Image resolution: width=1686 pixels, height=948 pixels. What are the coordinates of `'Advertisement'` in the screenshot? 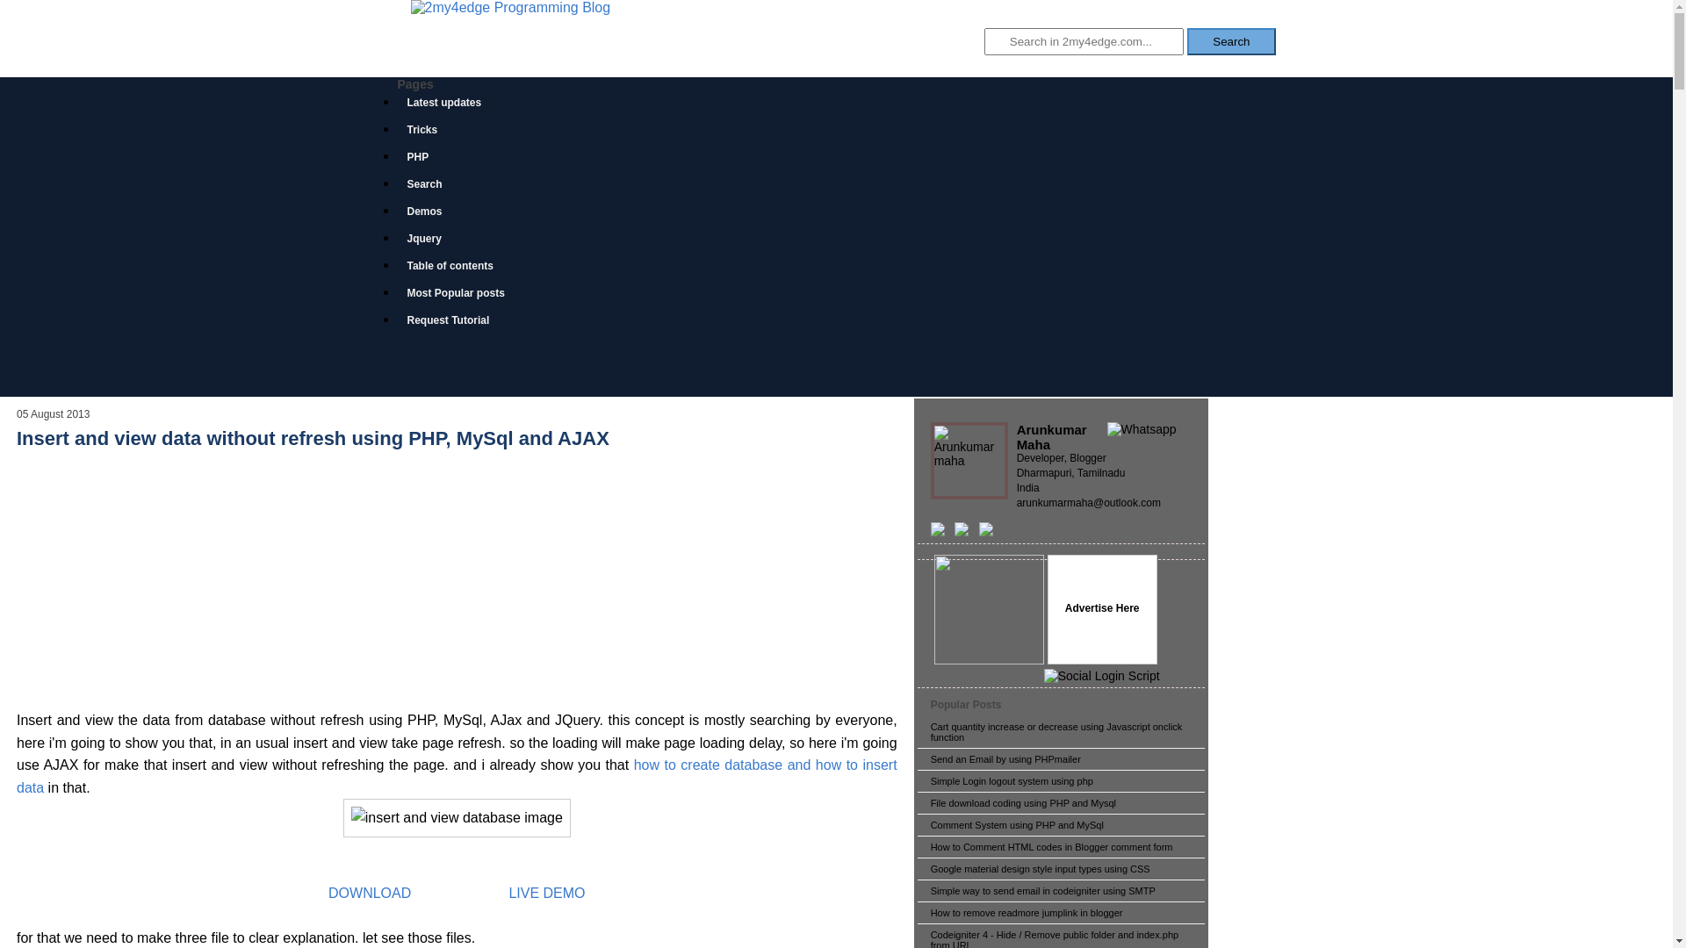 It's located at (834, 353).